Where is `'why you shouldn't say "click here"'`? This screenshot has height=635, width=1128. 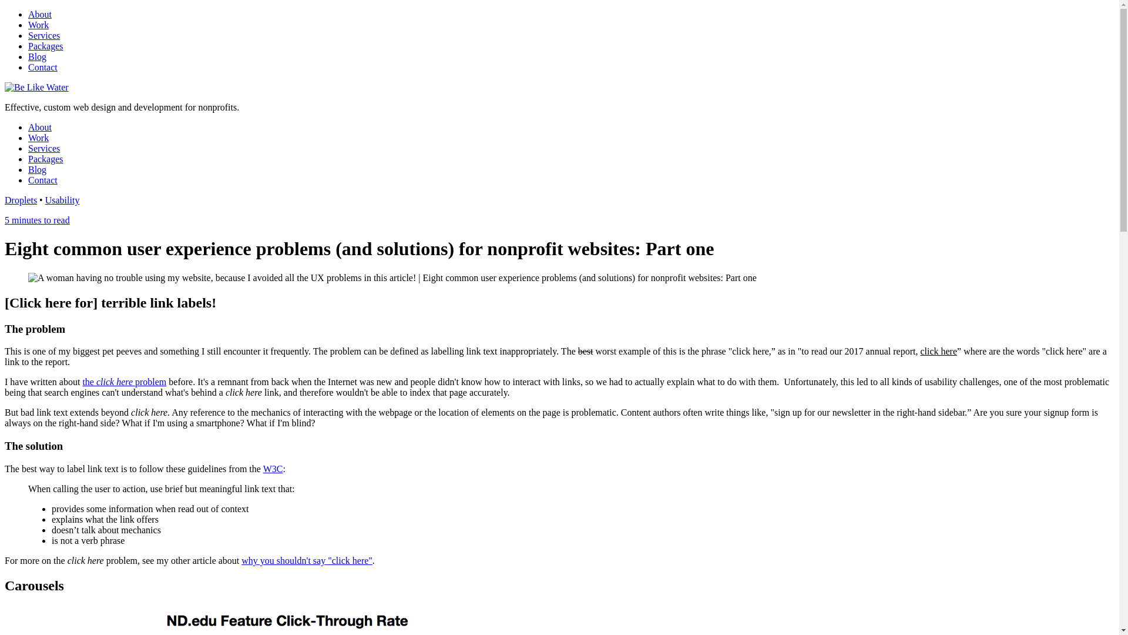
'why you shouldn't say "click here"' is located at coordinates (307, 560).